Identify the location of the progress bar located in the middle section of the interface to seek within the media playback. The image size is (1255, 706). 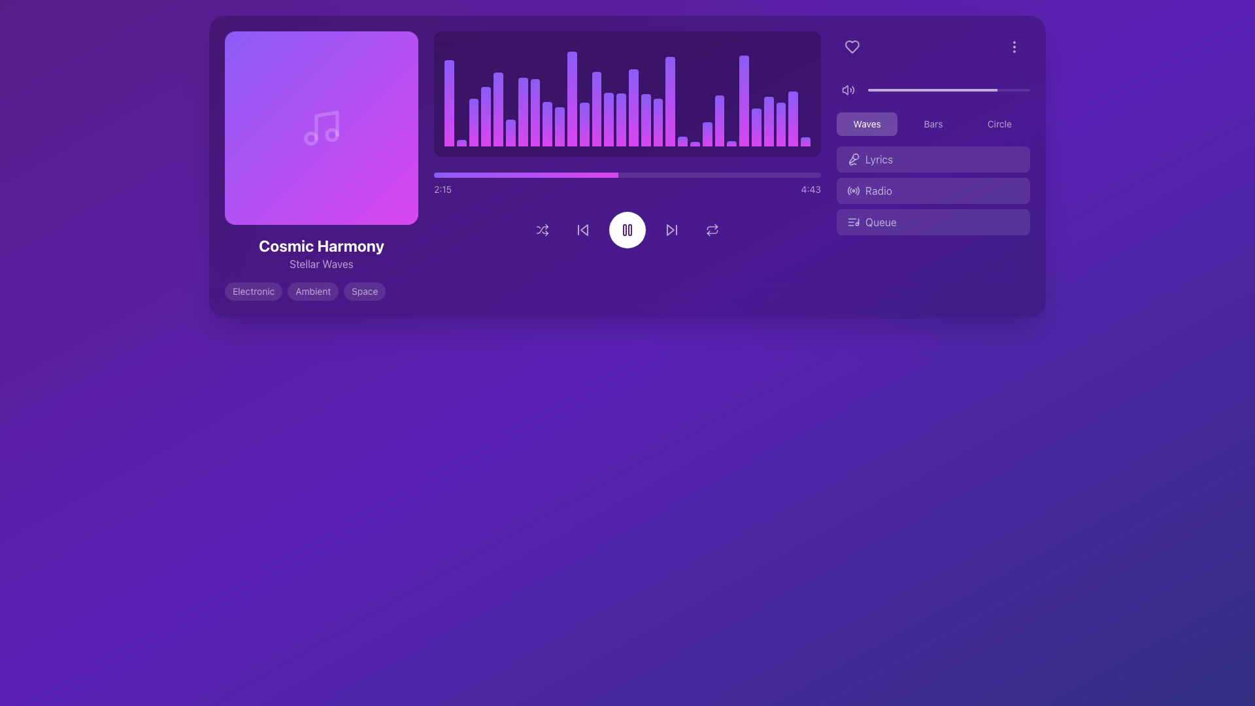
(627, 174).